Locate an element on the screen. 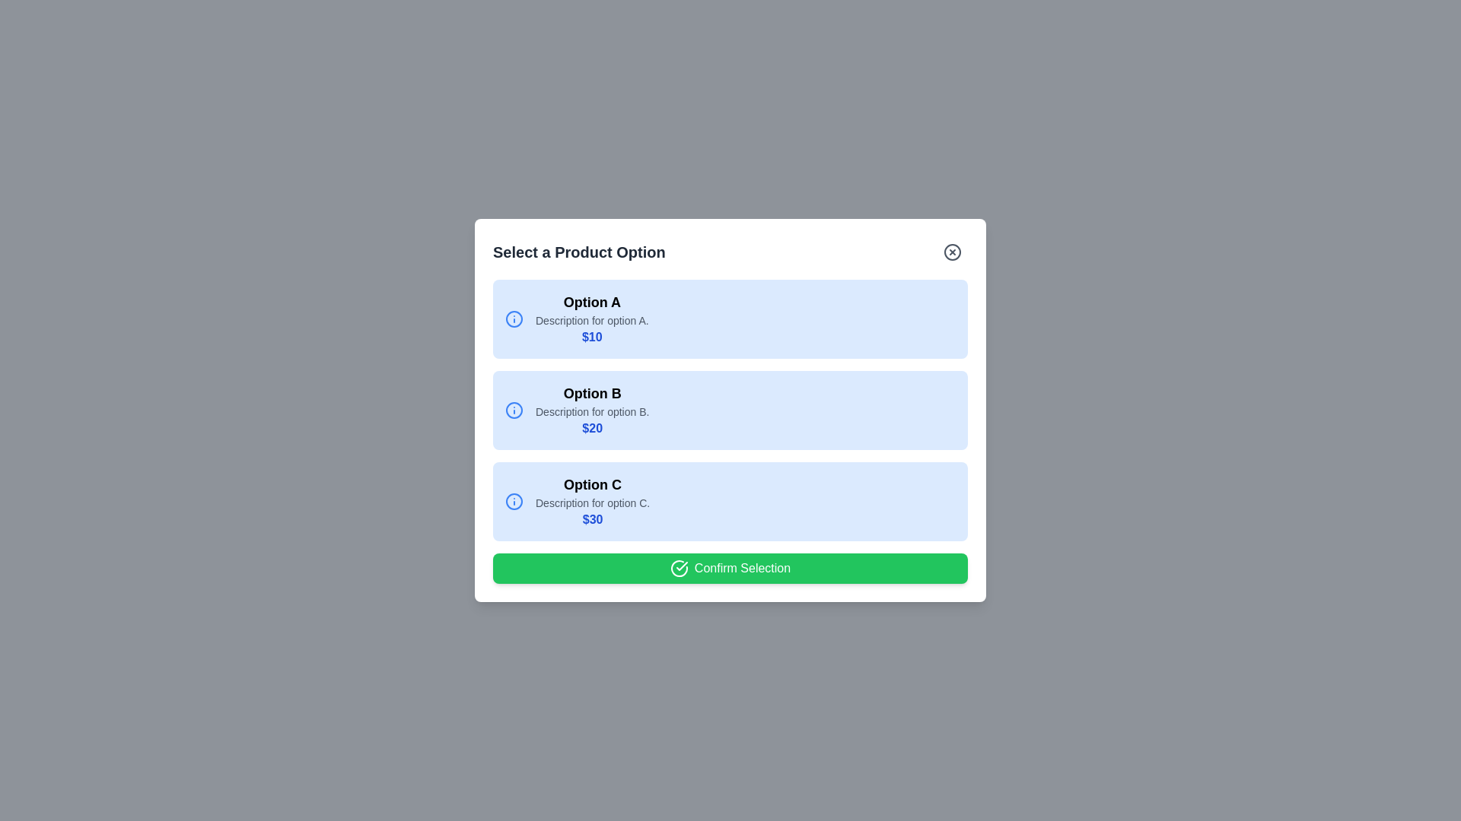  close button (X) to close the dialog box is located at coordinates (952, 251).